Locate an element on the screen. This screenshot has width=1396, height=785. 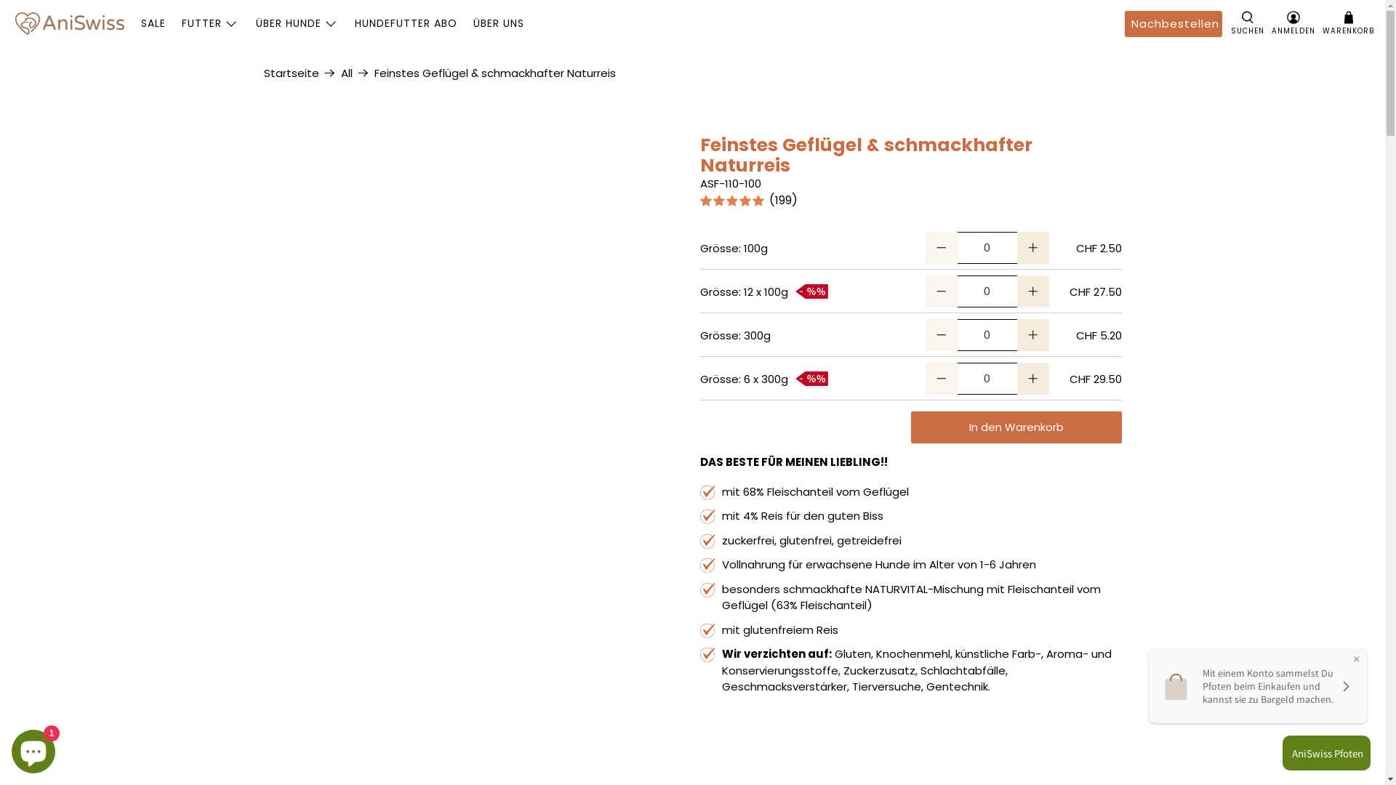
'WARENKORB' is located at coordinates (1323, 24).